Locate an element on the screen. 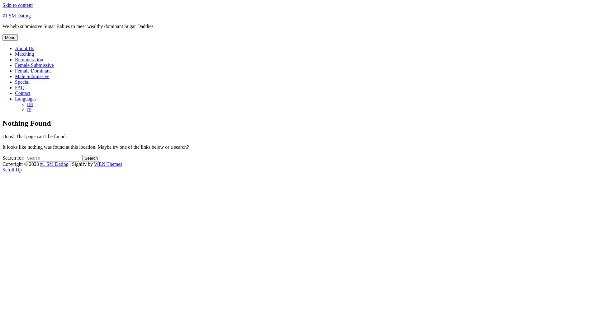  'Languages' is located at coordinates (25, 98).